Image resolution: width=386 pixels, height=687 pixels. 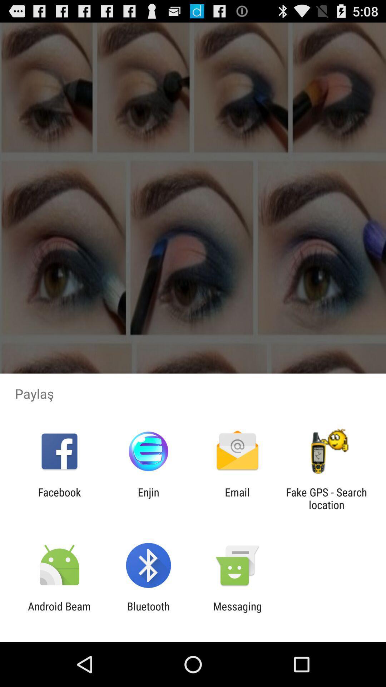 What do you see at coordinates (148, 612) in the screenshot?
I see `app to the left of the messaging app` at bounding box center [148, 612].